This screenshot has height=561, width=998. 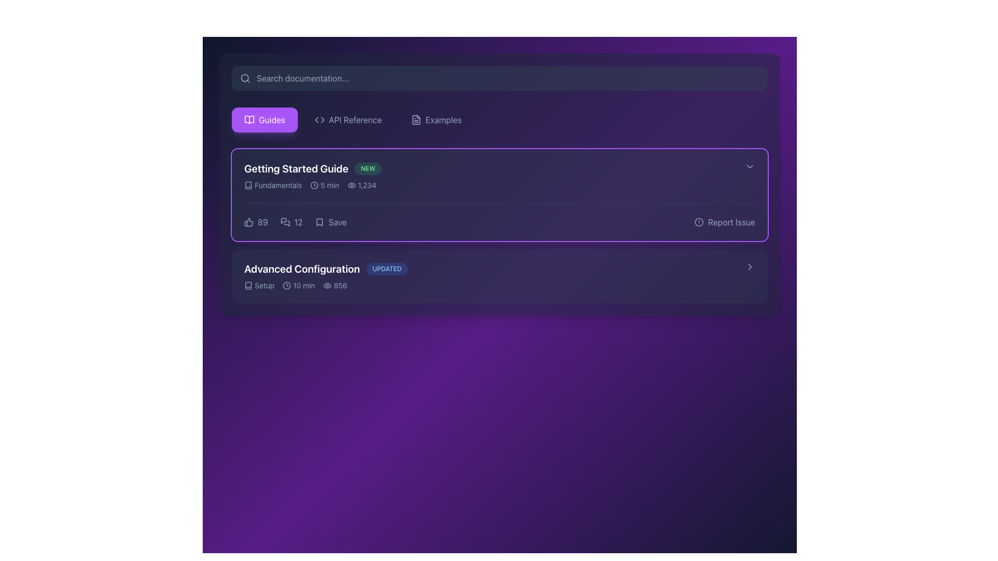 What do you see at coordinates (244, 77) in the screenshot?
I see `the search icon located on the left side of the search input field, which indicates the purpose of the adjacent input field for searching documentation` at bounding box center [244, 77].